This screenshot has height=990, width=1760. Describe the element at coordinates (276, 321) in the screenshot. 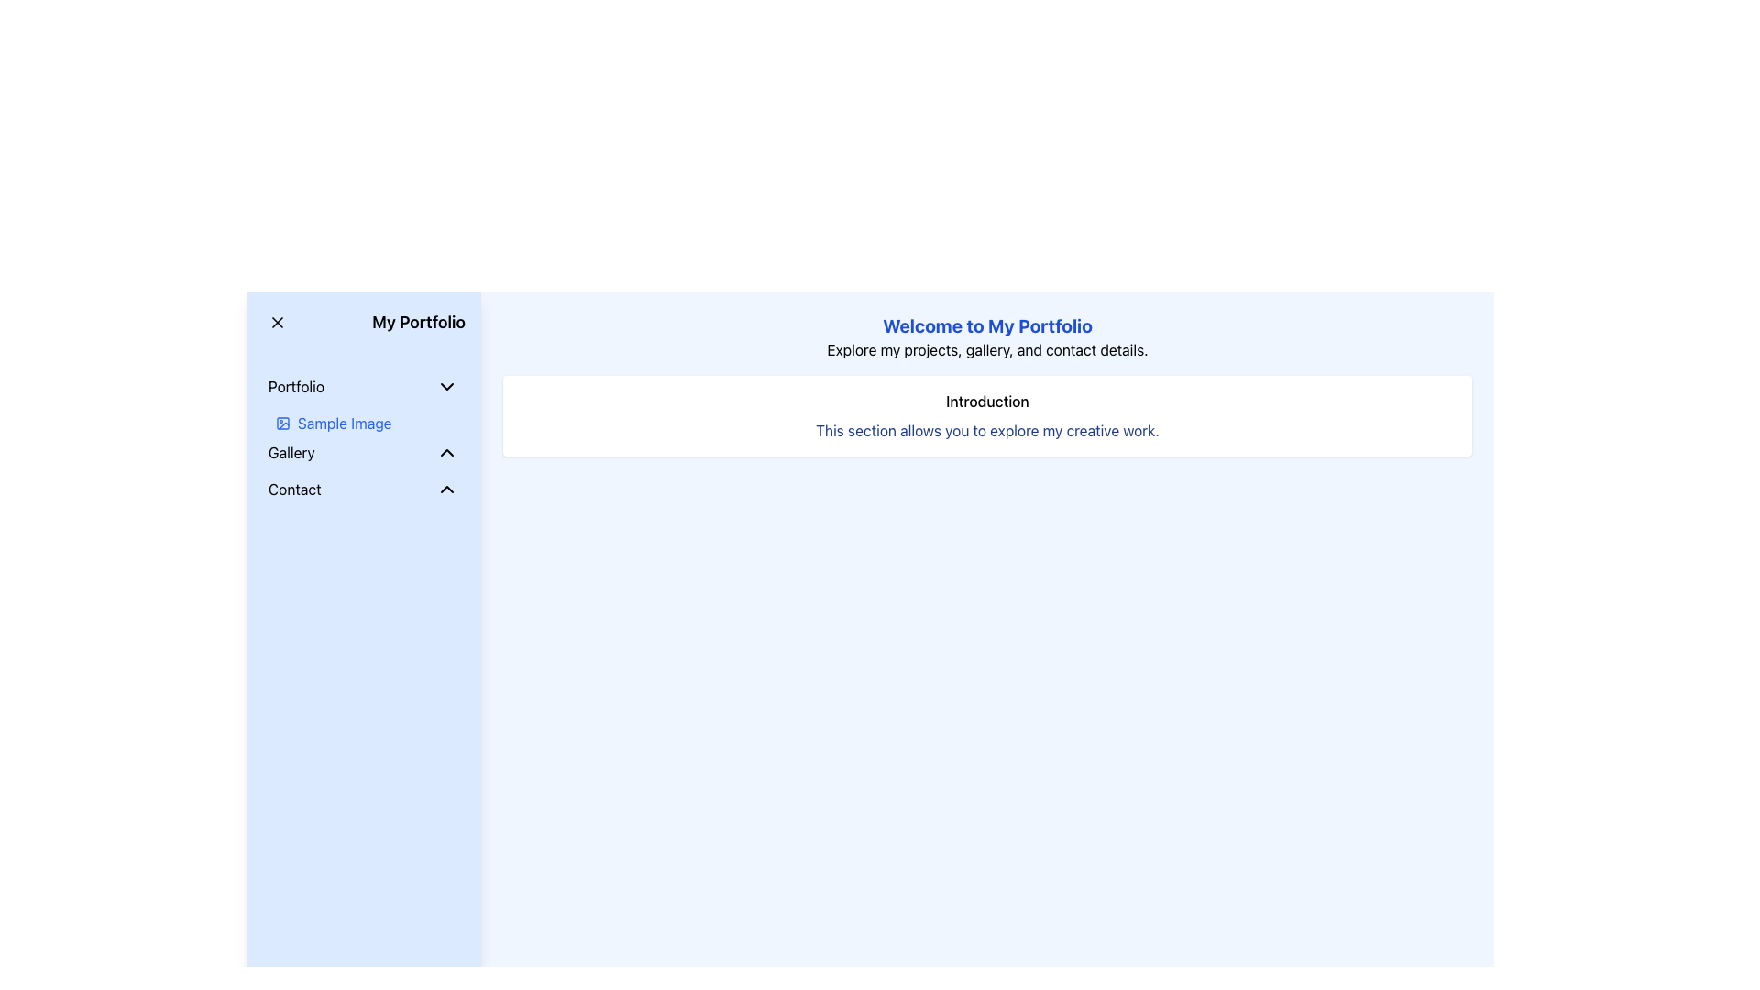

I see `the close icon located to the left of the 'My Portfolio' text in the sidebar` at that location.